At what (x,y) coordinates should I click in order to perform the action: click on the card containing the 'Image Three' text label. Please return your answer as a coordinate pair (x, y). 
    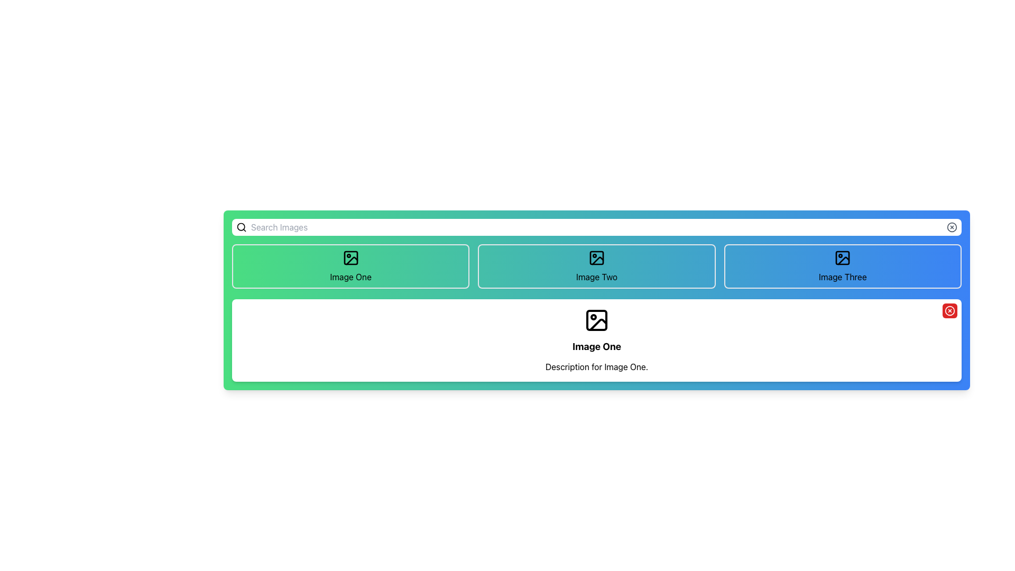
    Looking at the image, I should click on (842, 277).